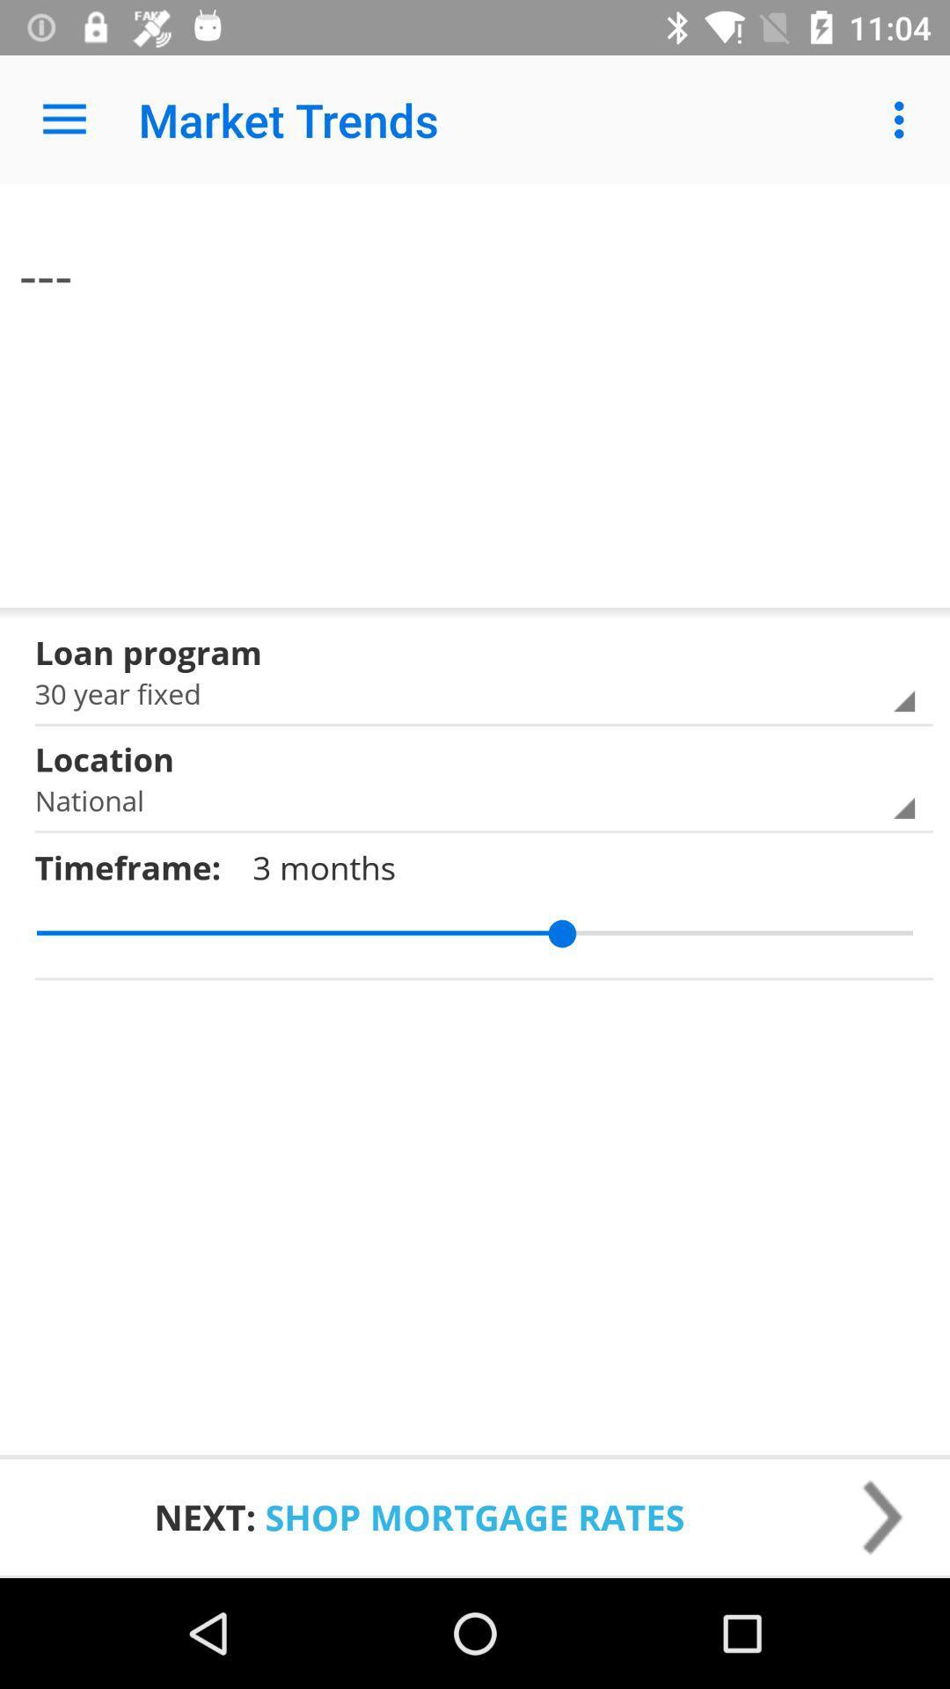 The width and height of the screenshot is (950, 1689). I want to click on app next to the market trends icon, so click(903, 119).